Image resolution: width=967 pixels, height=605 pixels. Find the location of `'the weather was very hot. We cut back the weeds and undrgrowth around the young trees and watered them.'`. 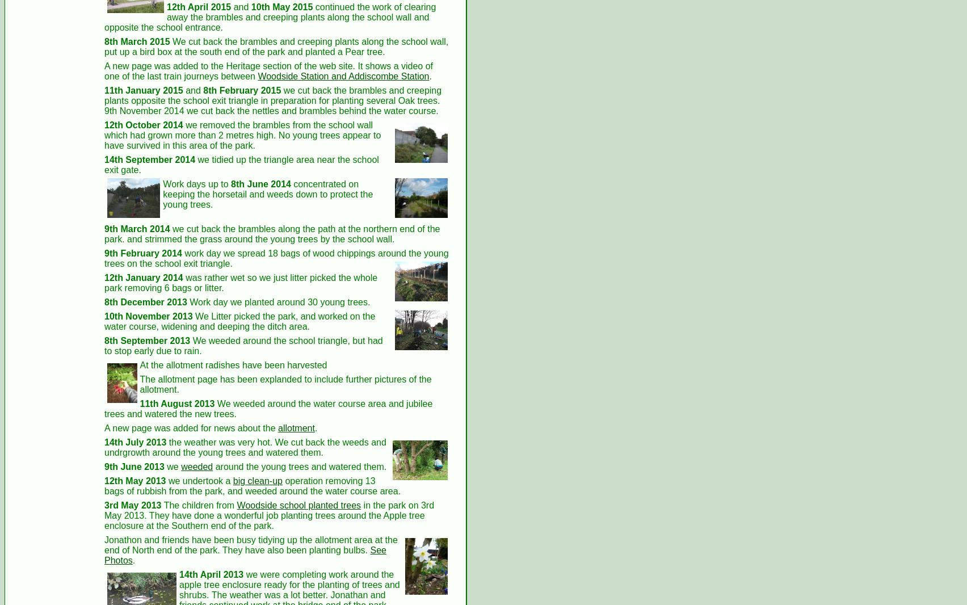

'the weather was very hot. We cut back the weeds and undrgrowth around the young trees and watered them.' is located at coordinates (245, 447).